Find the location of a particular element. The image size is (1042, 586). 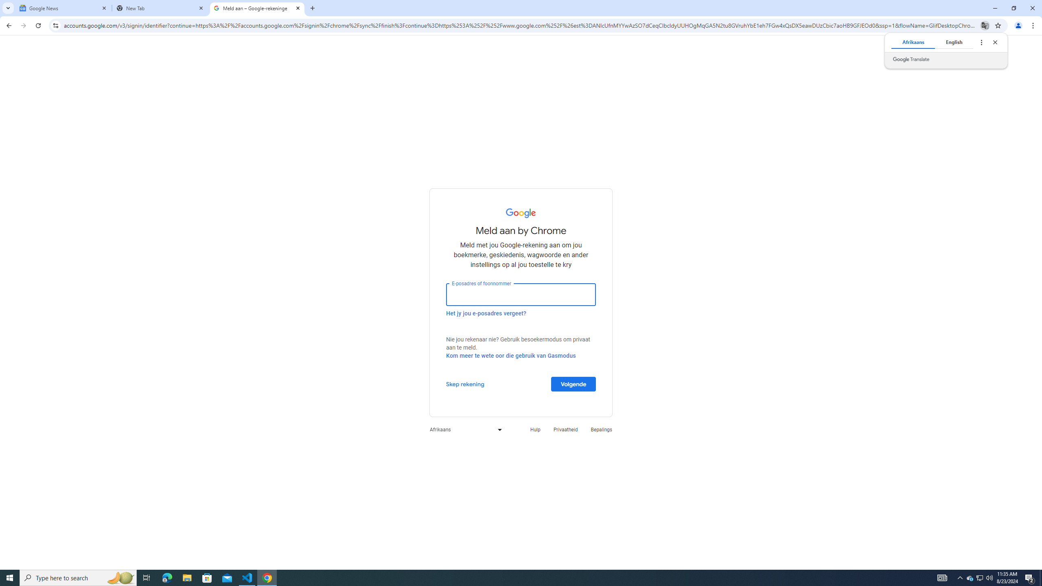

'Skep rekening' is located at coordinates (465, 383).